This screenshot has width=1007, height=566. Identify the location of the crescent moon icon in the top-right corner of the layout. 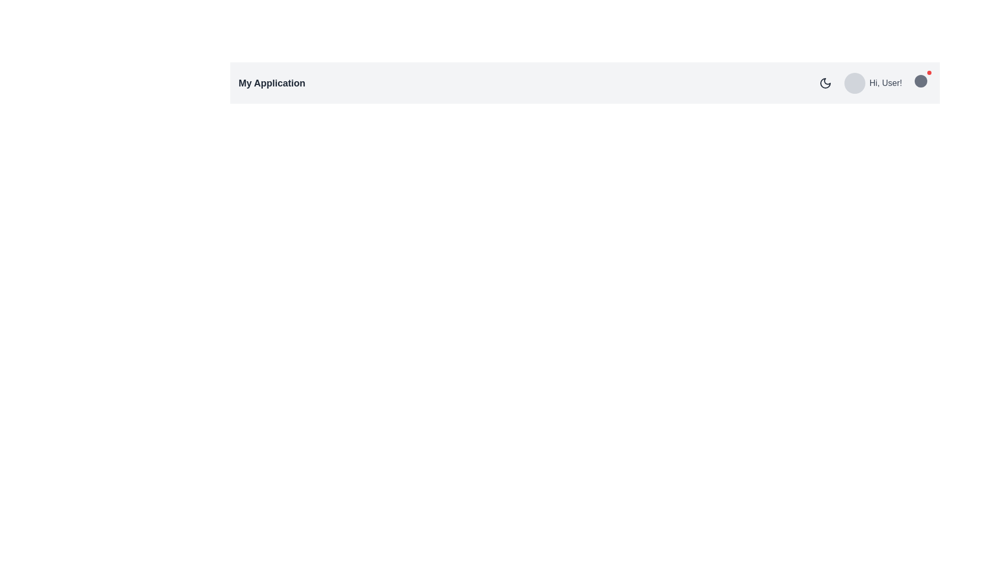
(824, 82).